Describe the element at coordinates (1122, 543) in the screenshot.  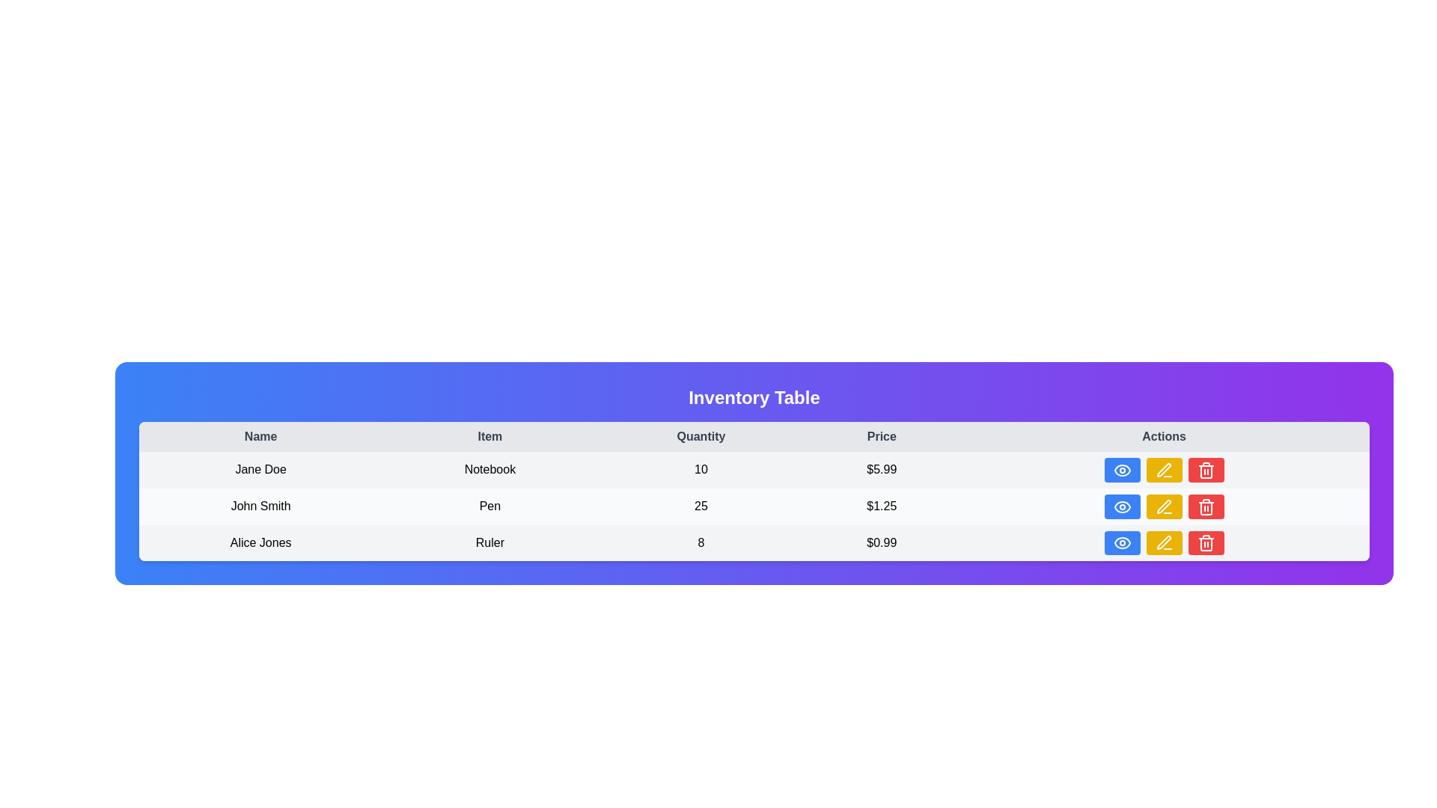
I see `the preview button located in the rightmost column of the last row in the table, which is positioned next to the edit and delete buttons` at that location.